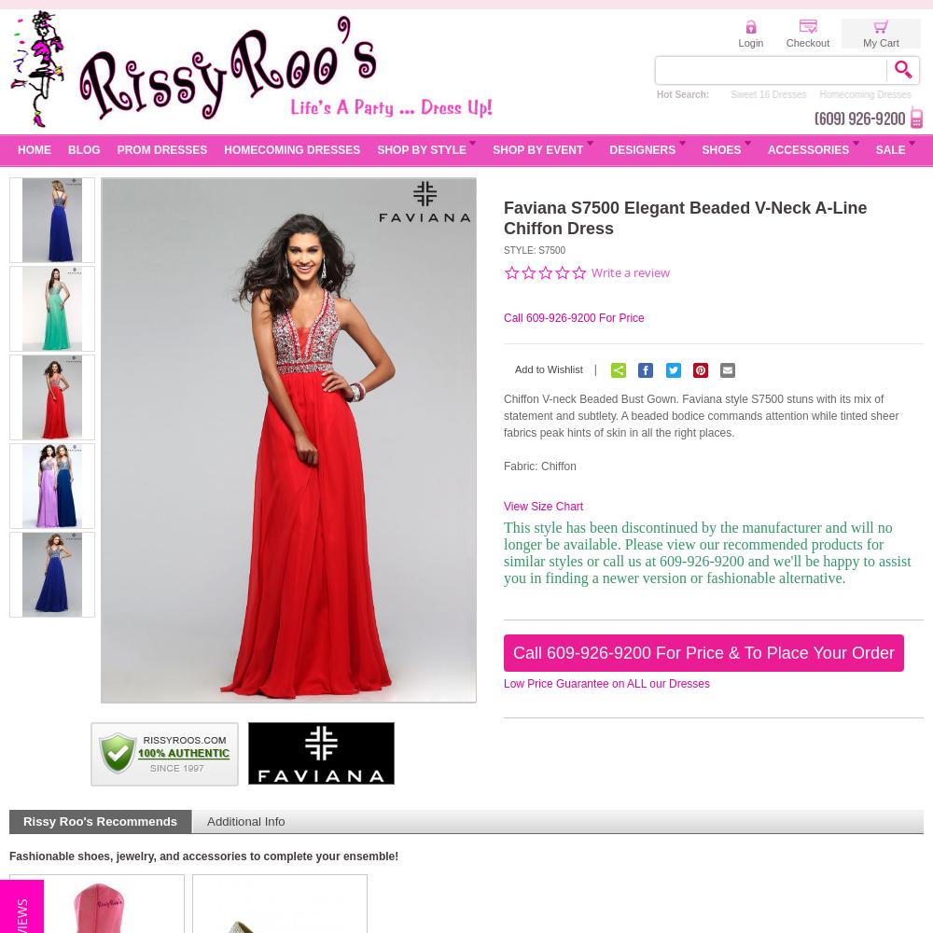 The width and height of the screenshot is (933, 933). I want to click on 'Sale Dresses', so click(679, 93).